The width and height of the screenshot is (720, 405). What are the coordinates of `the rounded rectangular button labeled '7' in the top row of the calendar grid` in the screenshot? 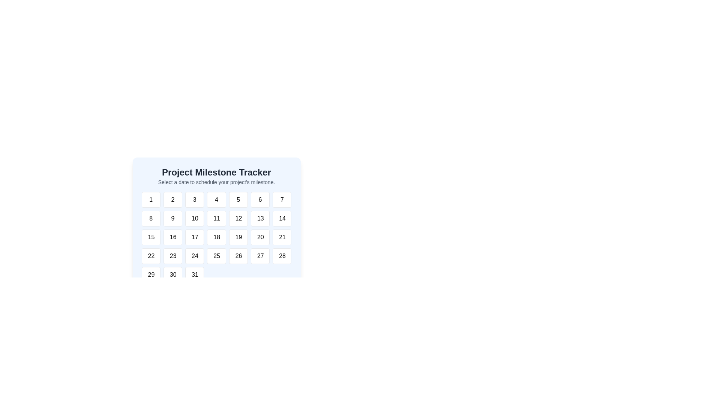 It's located at (282, 199).